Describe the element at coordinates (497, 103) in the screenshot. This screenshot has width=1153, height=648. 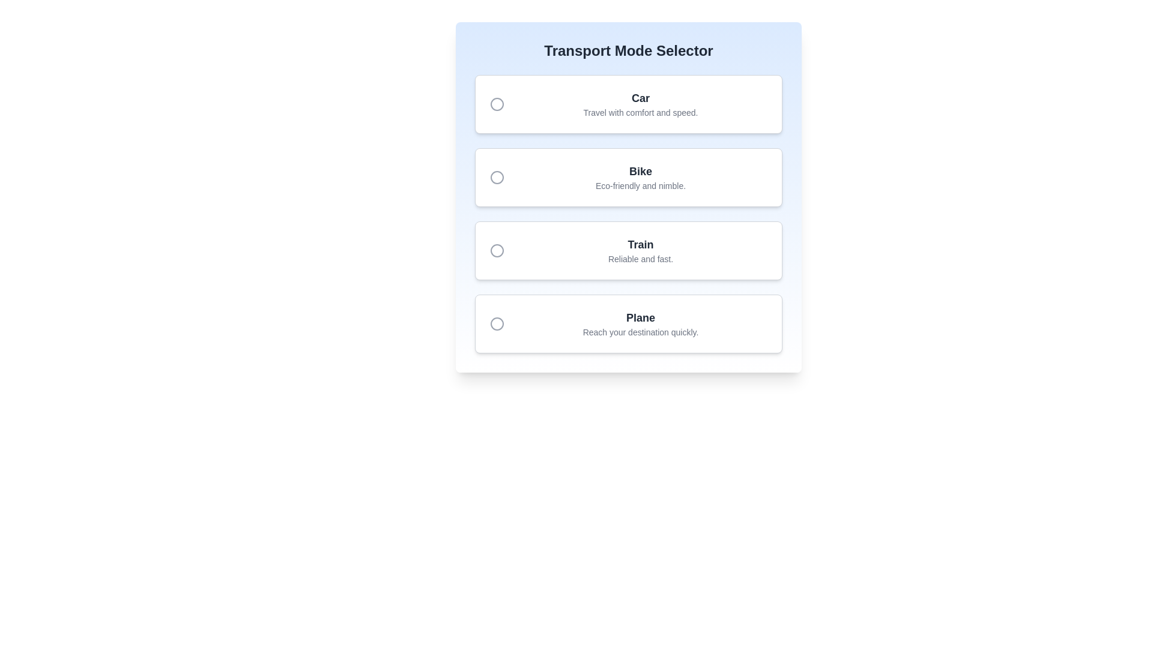
I see `the small circle of the unselected circular radio button icon for the 'Car' option in the 'Transport Mode Selector'` at that location.